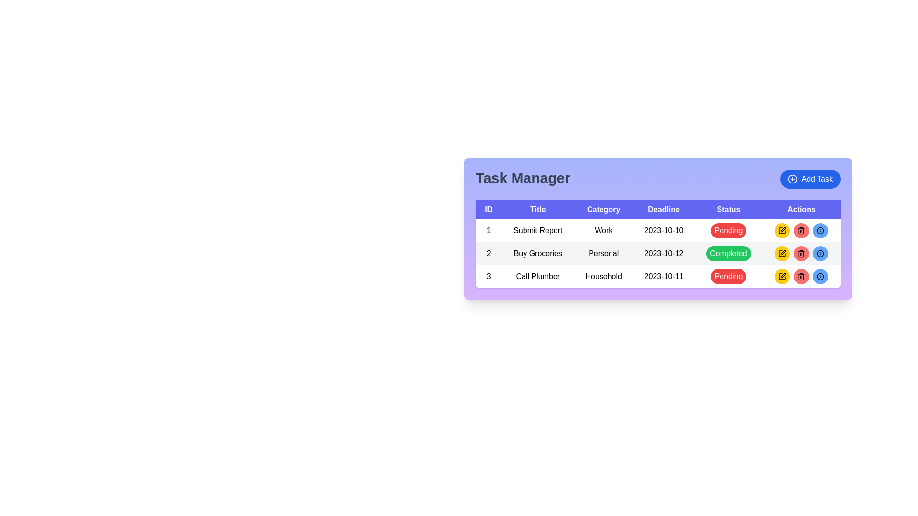 The height and width of the screenshot is (516, 918). I want to click on the blue circular outline icon inside the 'Add Task' button located at the top-right corner of the task manager interface, so click(793, 179).